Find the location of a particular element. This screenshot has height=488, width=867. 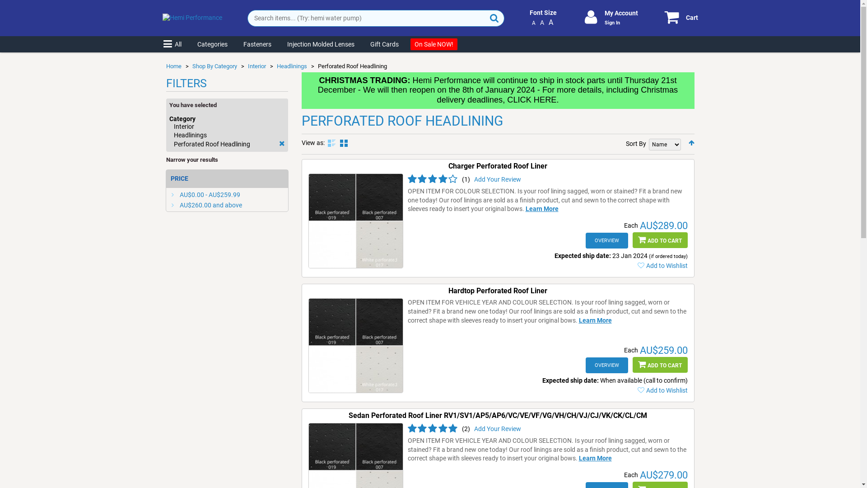

'Injection Molded Lenses' is located at coordinates (320, 44).